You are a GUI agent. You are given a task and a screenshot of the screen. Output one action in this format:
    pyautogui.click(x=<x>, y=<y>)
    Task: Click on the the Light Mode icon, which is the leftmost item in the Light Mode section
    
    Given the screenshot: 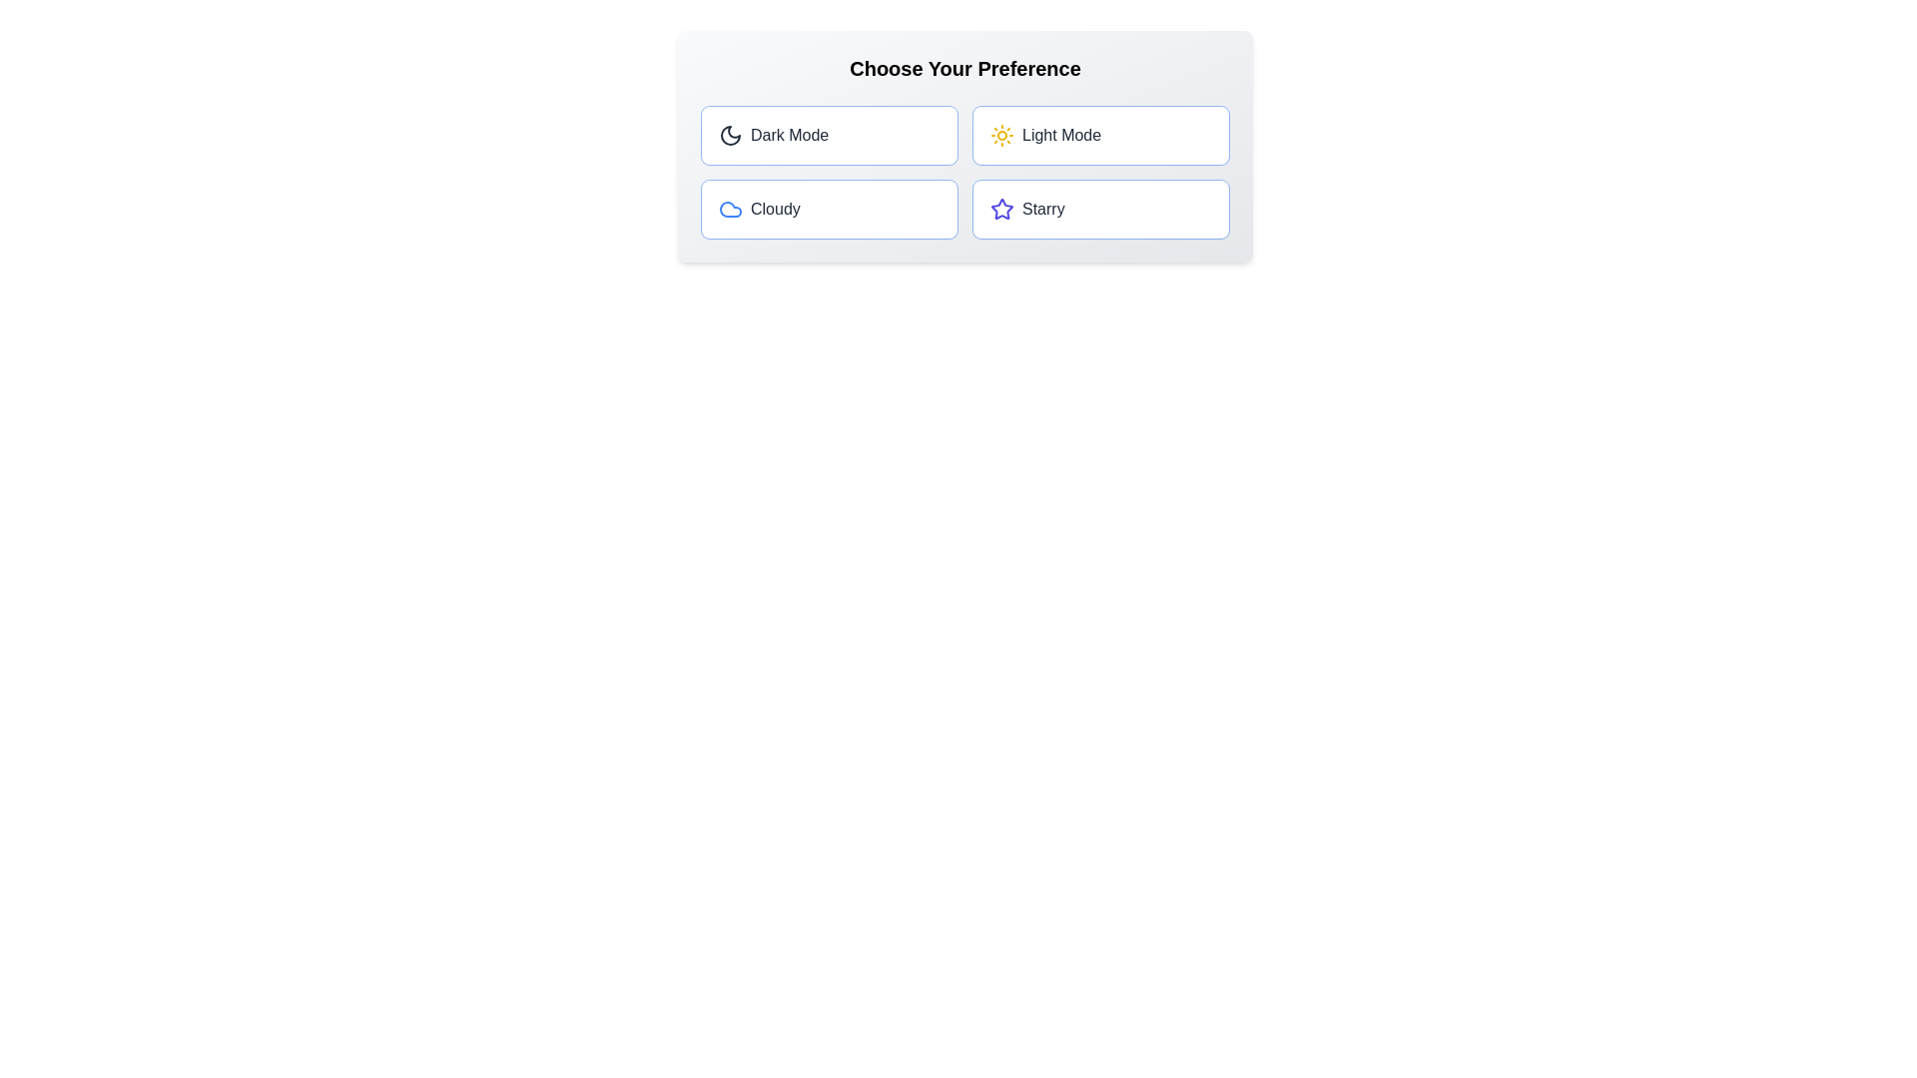 What is the action you would take?
    pyautogui.click(x=1001, y=135)
    